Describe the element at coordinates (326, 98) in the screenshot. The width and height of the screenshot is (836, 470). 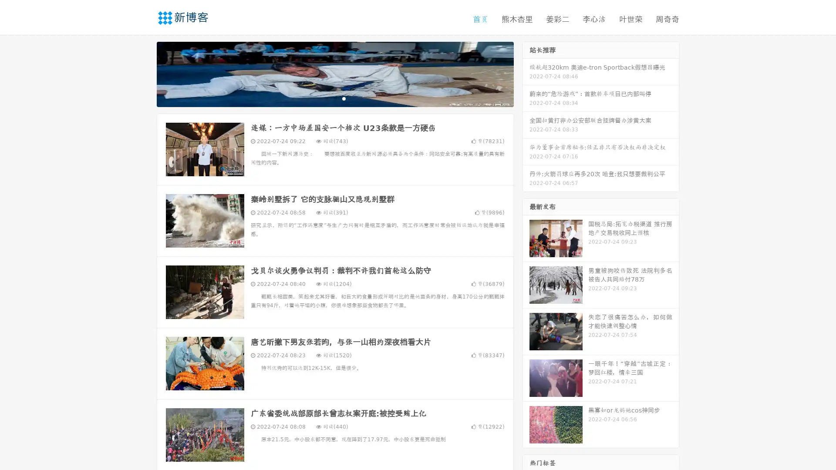
I see `Go to slide 1` at that location.